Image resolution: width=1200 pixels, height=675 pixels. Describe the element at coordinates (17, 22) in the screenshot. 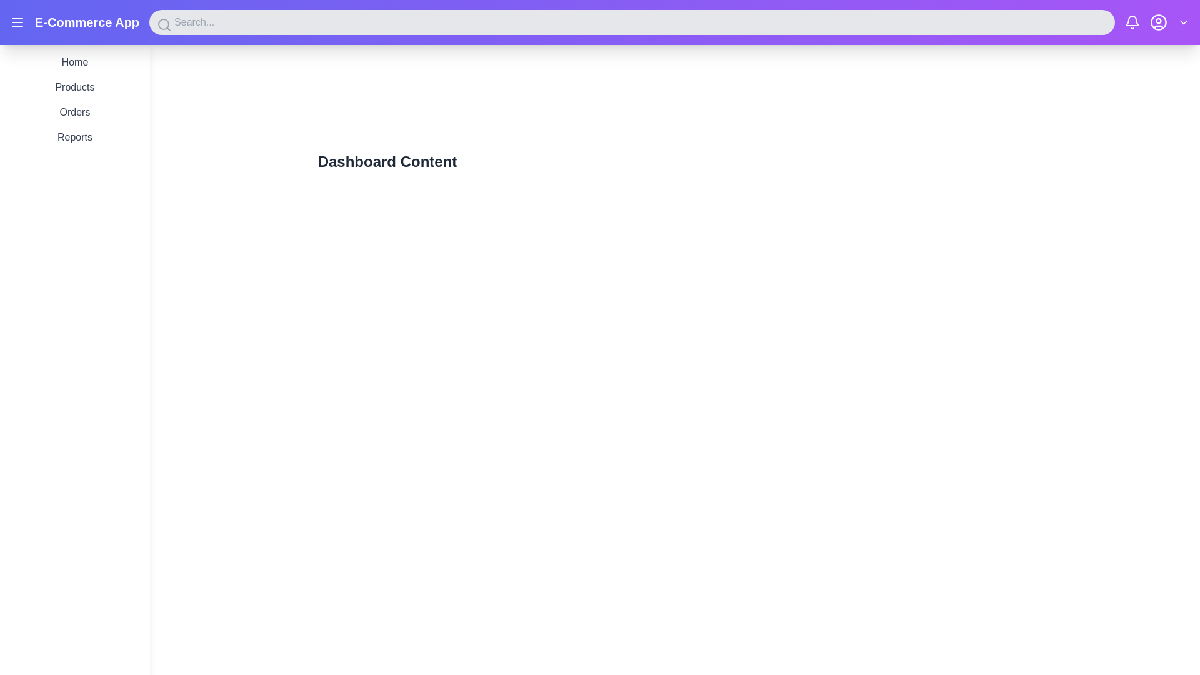

I see `the menu button, which is represented by three horizontal lines in the top-left corner of the application interface within the purple header` at that location.